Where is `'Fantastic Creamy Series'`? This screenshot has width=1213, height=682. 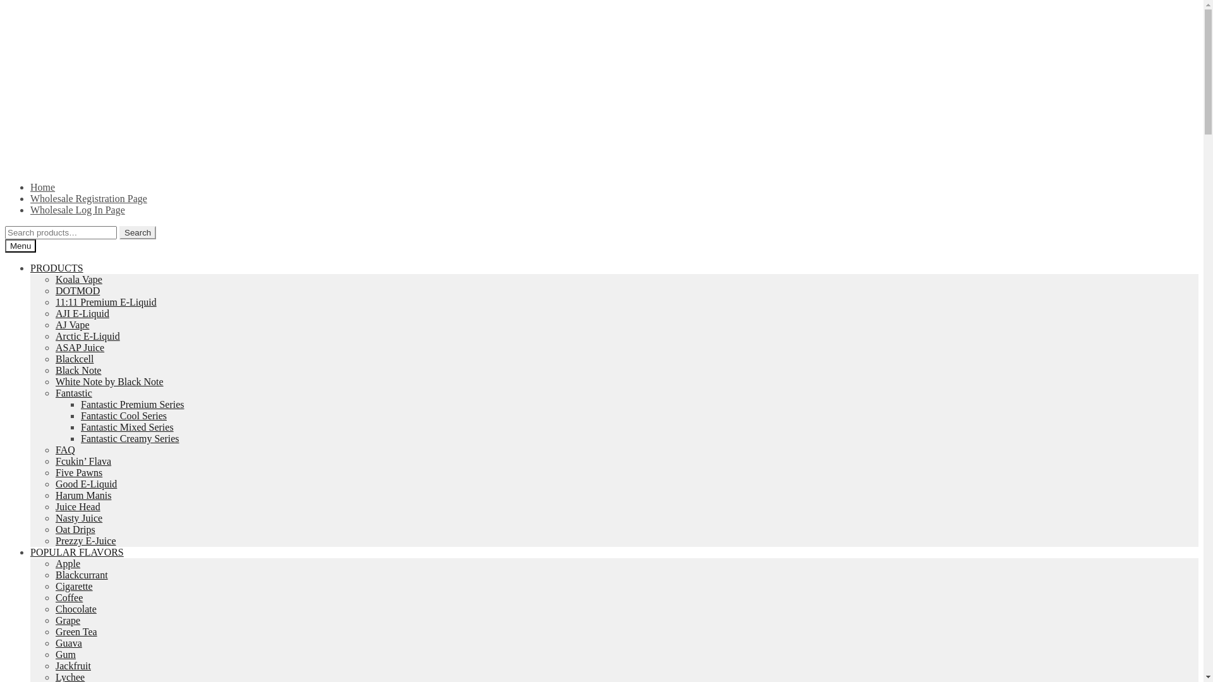 'Fantastic Creamy Series' is located at coordinates (130, 438).